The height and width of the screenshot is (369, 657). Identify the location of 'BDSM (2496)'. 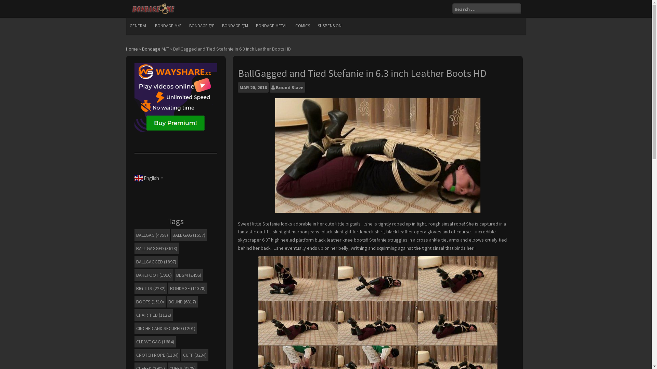
(174, 275).